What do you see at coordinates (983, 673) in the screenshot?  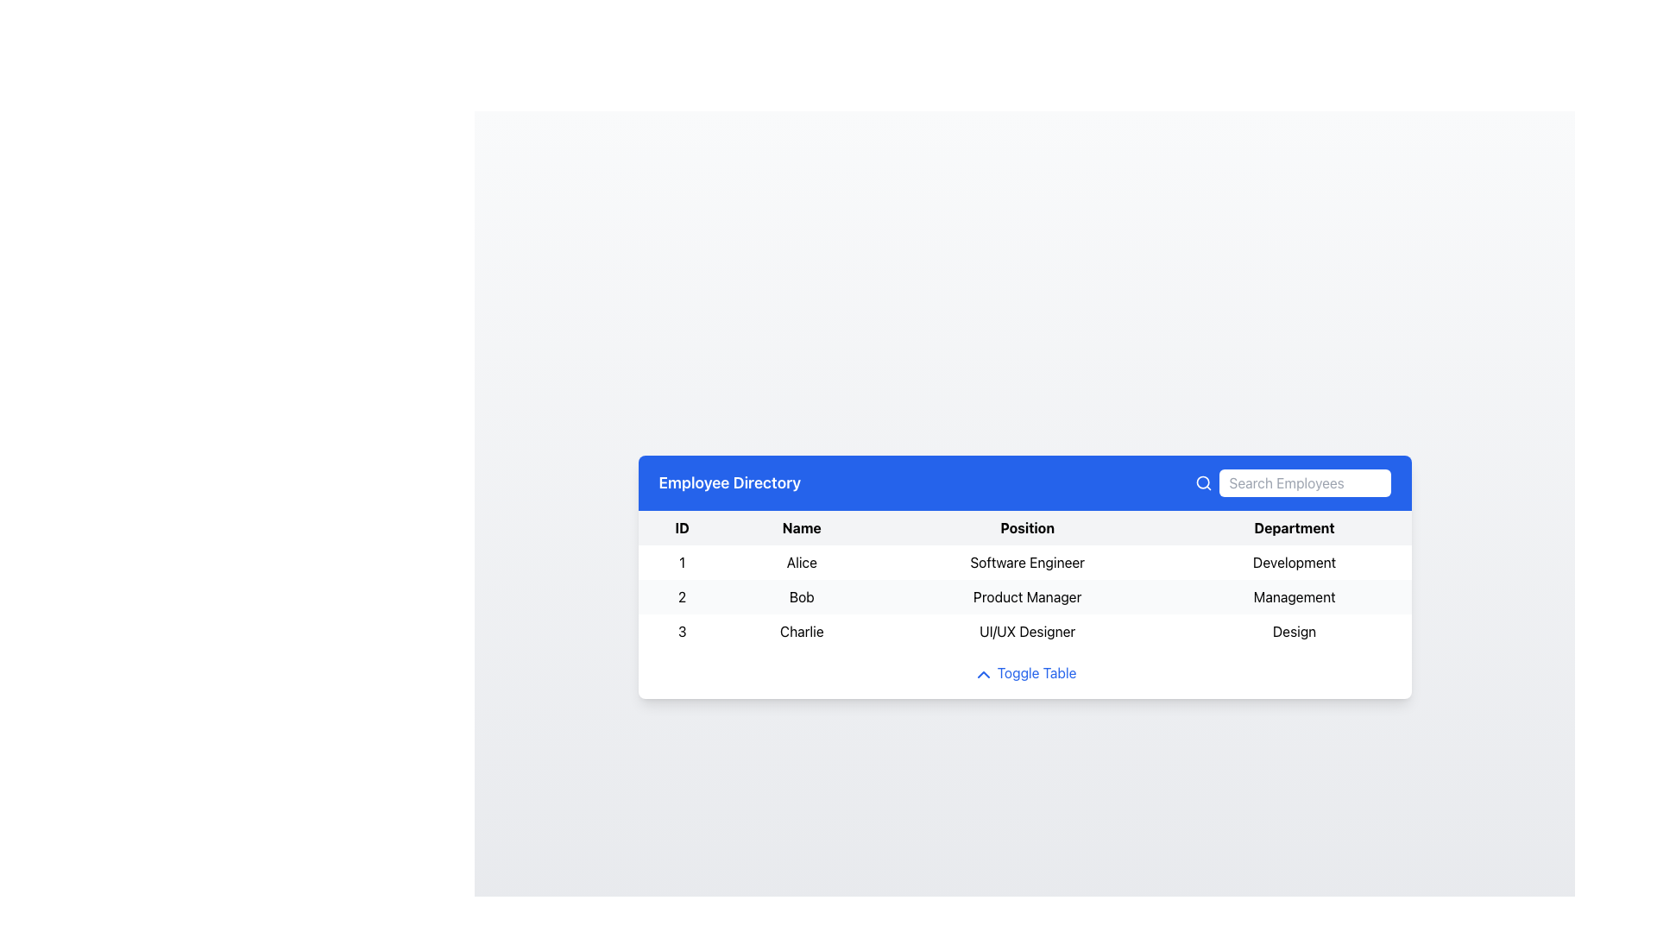 I see `the small upward-pointing chevron-style arrow icon with a blue stroke, located to the left of the 'Toggle Table' text in the bottom-right corner of the table layout` at bounding box center [983, 673].